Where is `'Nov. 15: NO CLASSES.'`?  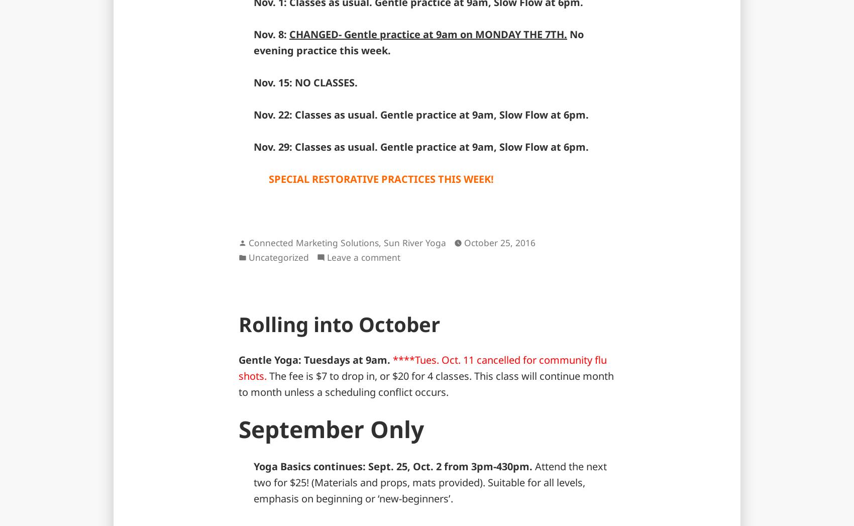 'Nov. 15: NO CLASSES.' is located at coordinates (305, 82).